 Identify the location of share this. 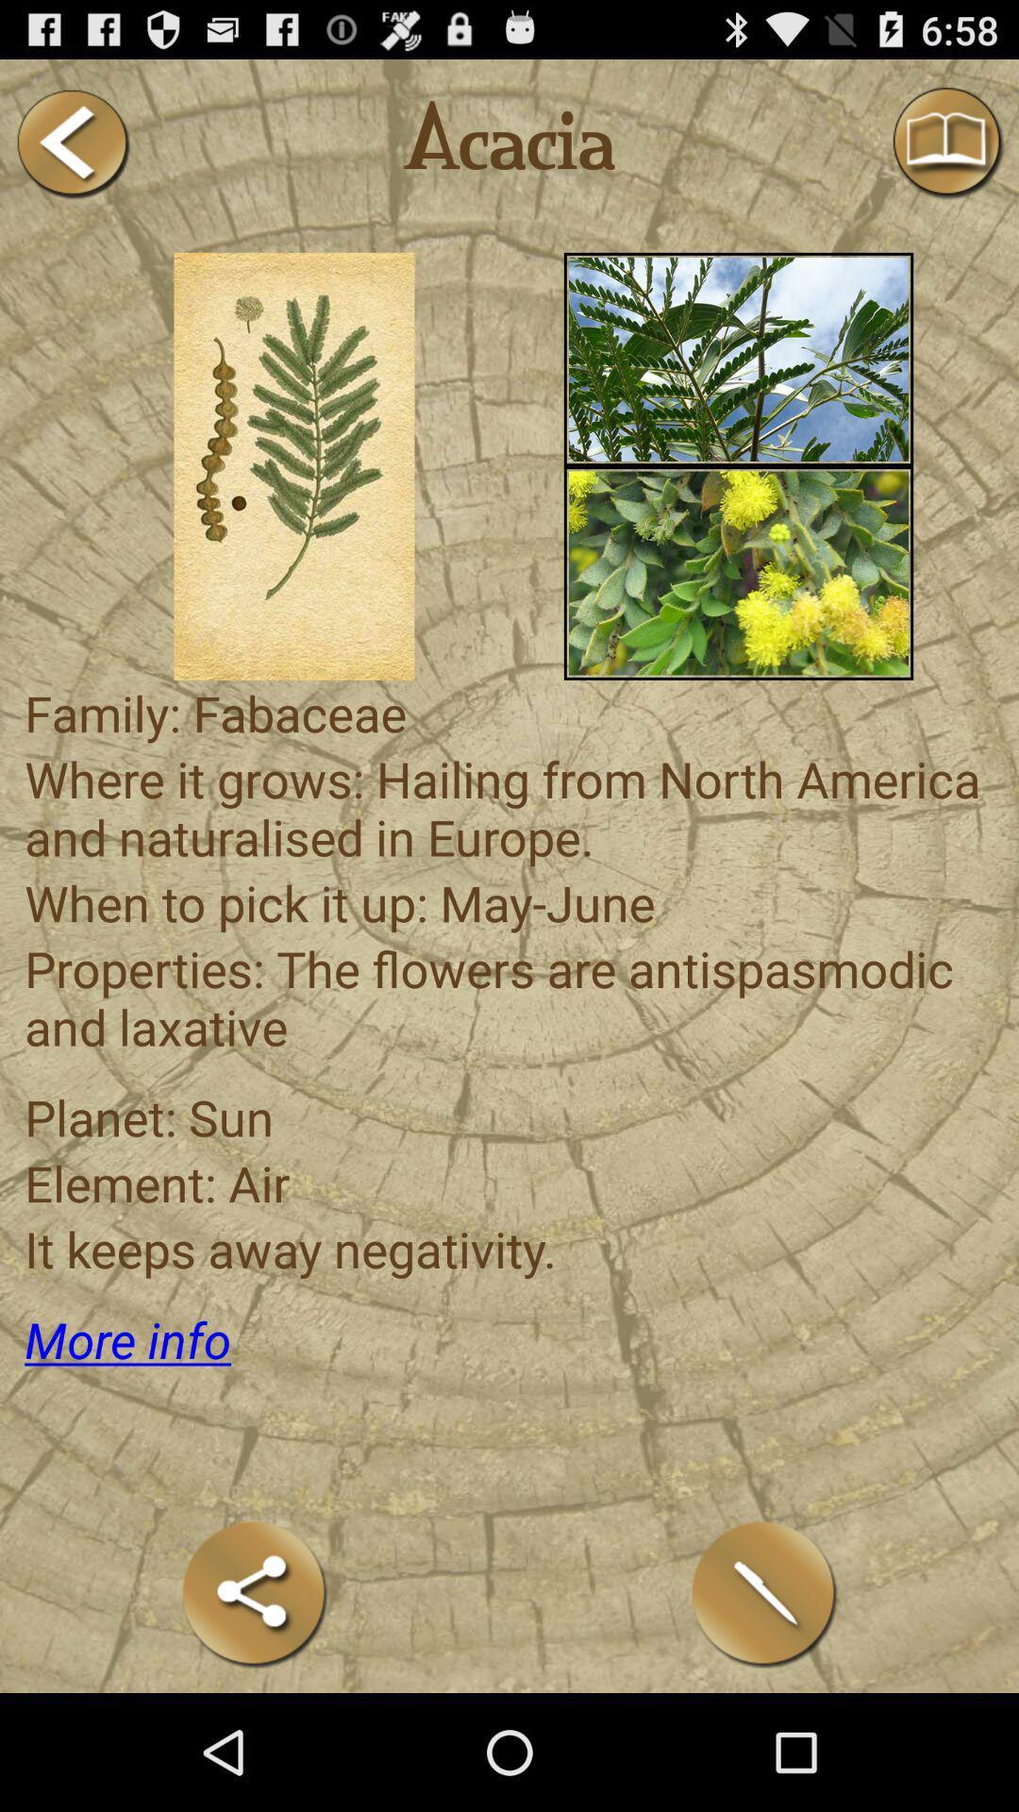
(255, 1593).